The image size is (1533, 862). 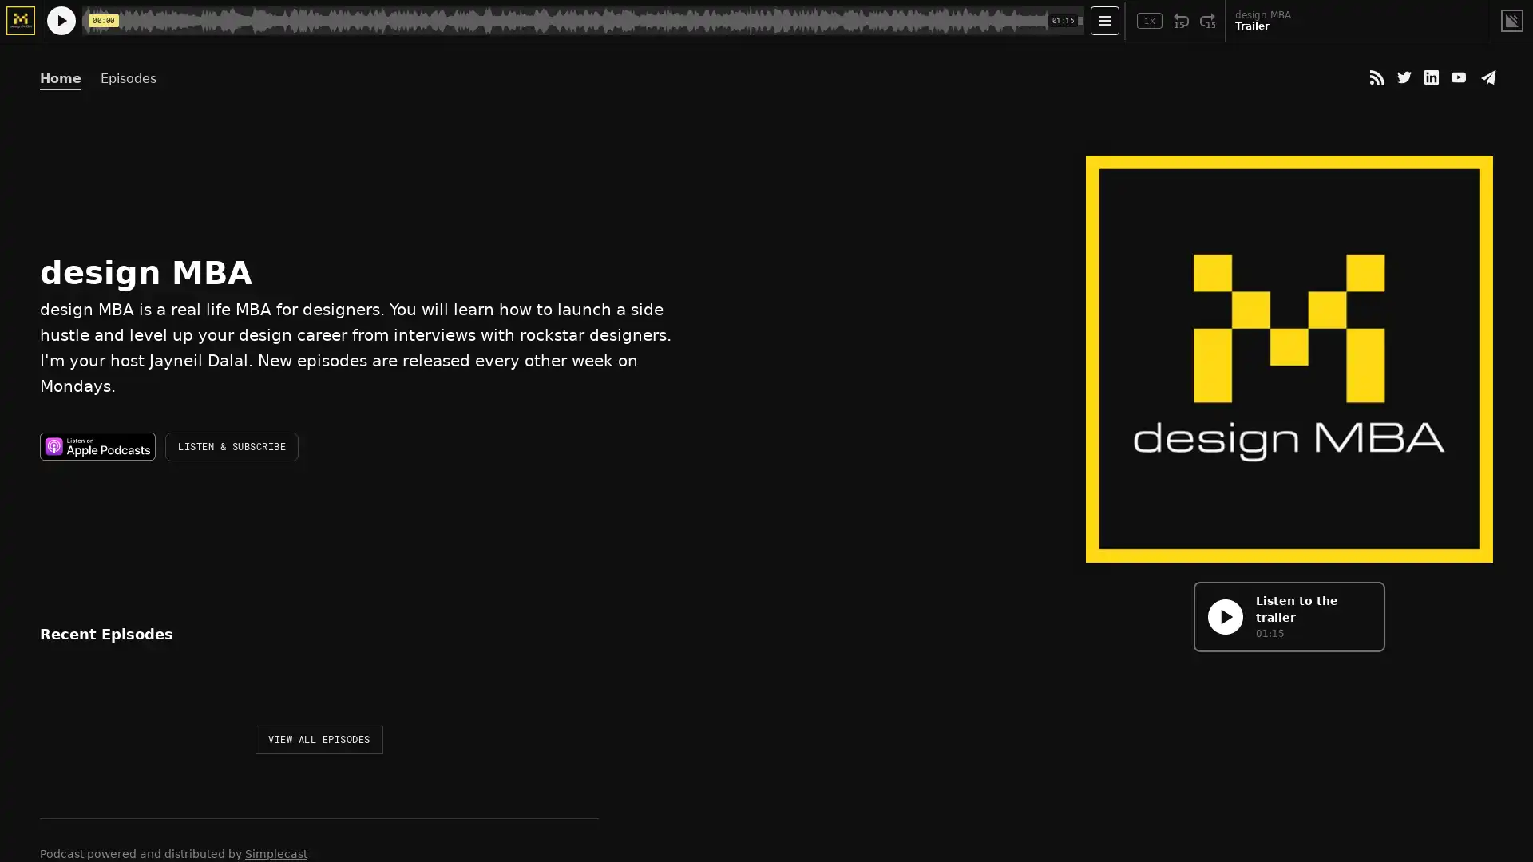 I want to click on Rewind 15 Seconds, so click(x=1181, y=21).